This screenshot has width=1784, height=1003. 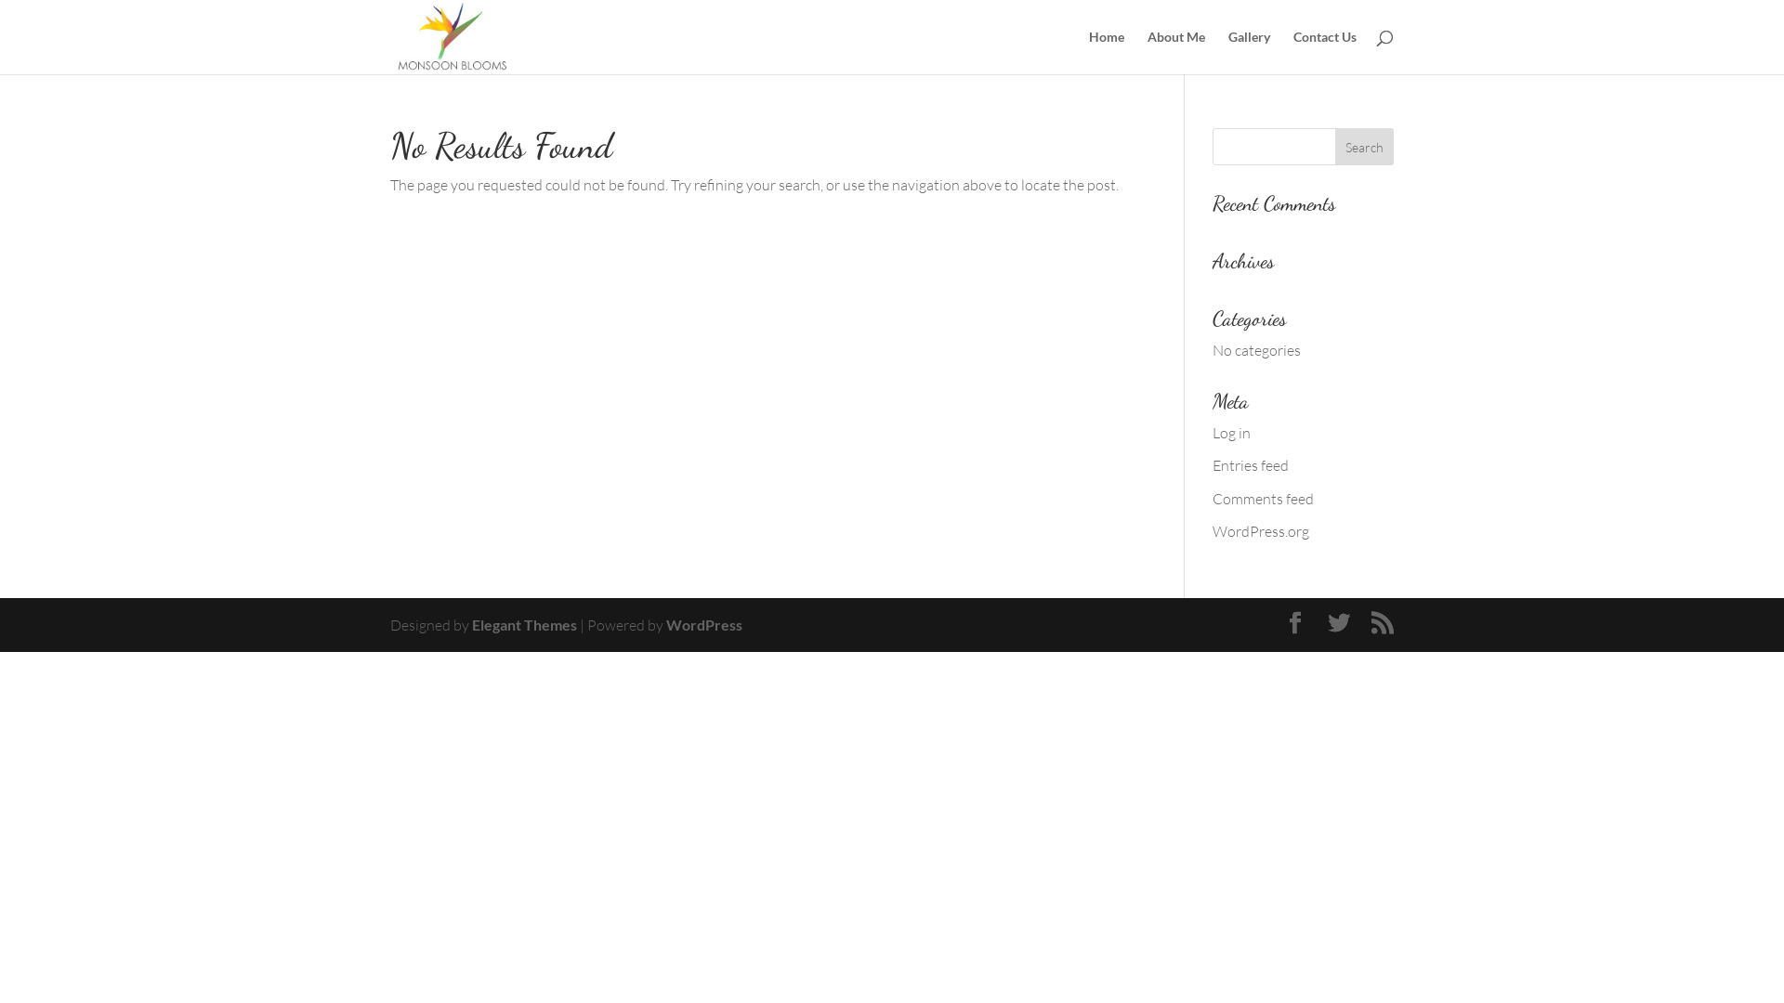 What do you see at coordinates (1231, 433) in the screenshot?
I see `'Log in'` at bounding box center [1231, 433].